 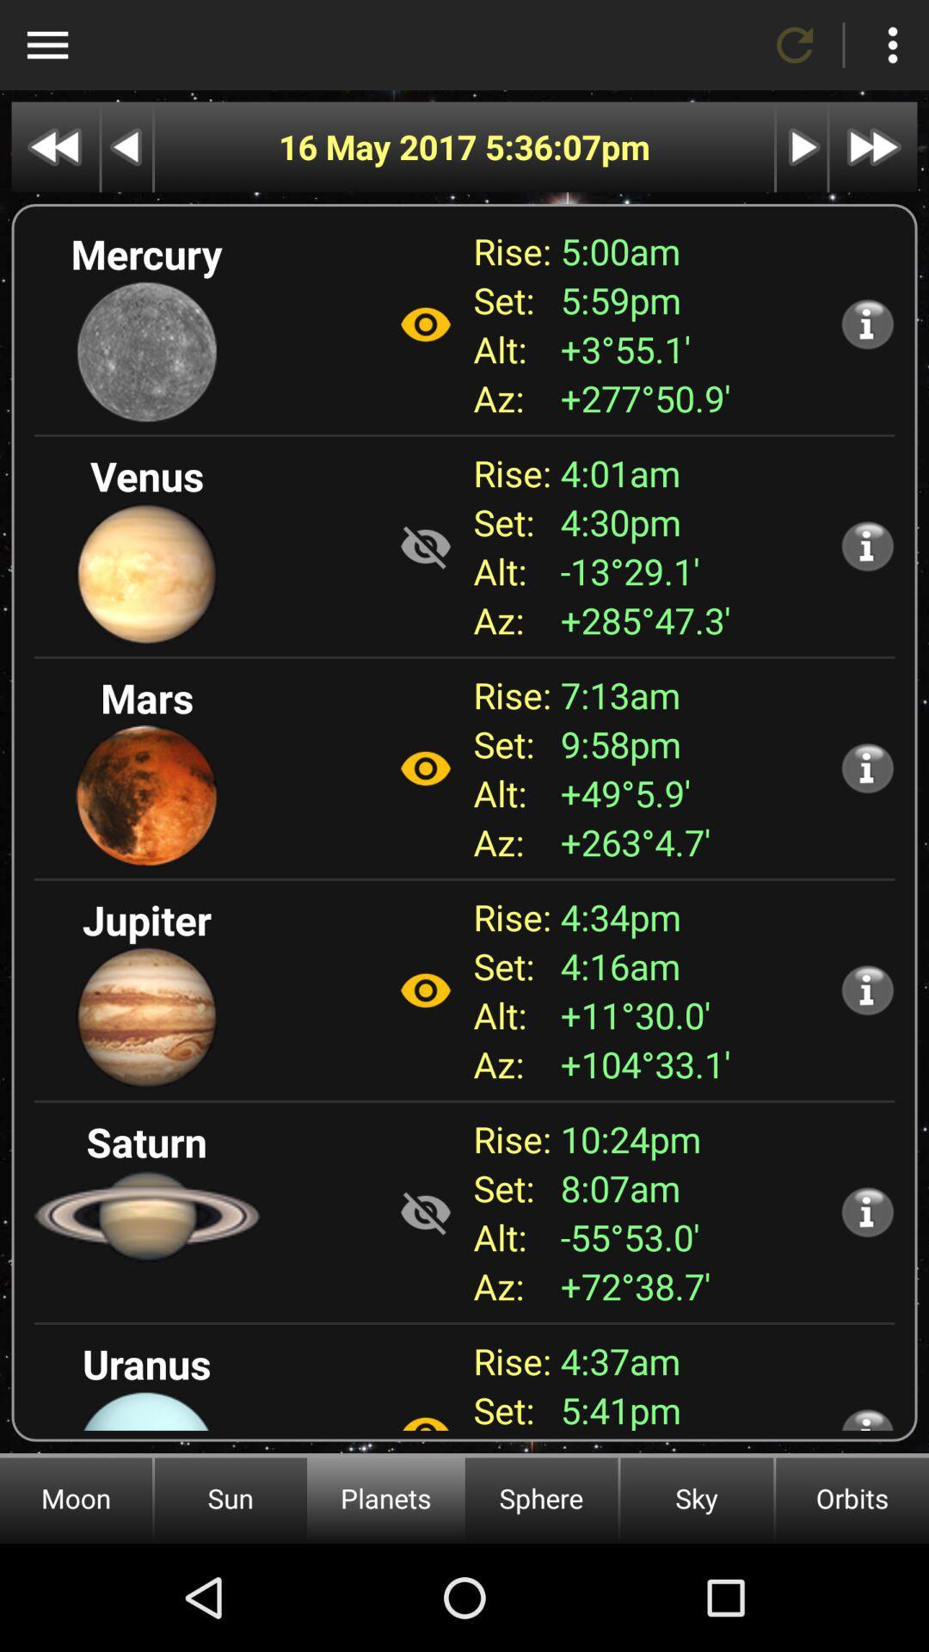 What do you see at coordinates (425, 1414) in the screenshot?
I see `for vision` at bounding box center [425, 1414].